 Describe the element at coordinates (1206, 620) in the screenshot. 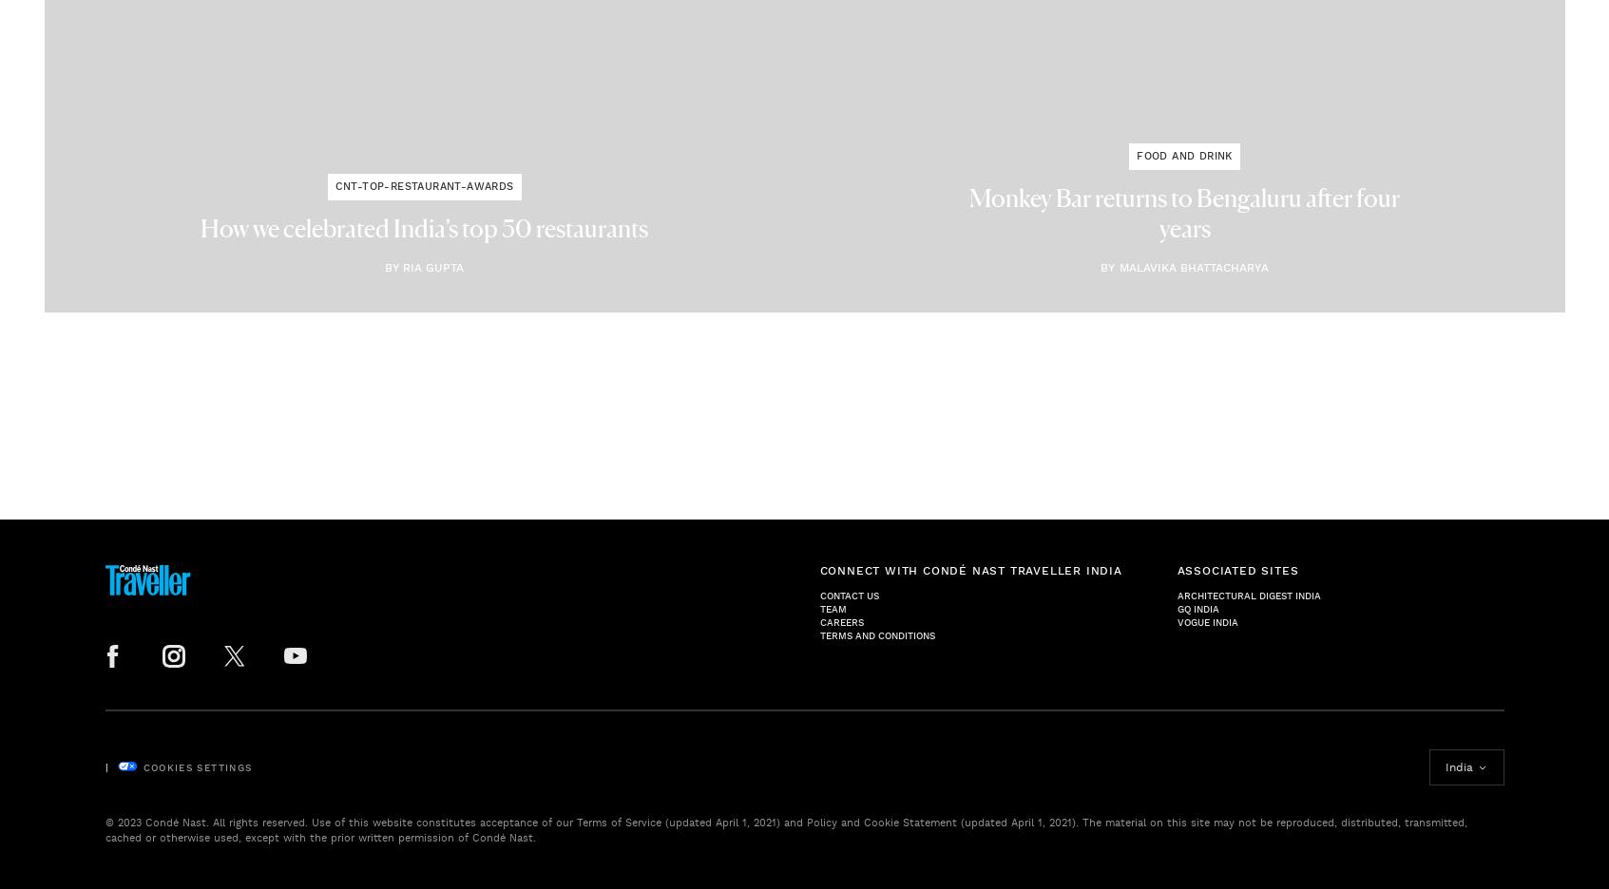

I see `'Vogue India'` at that location.